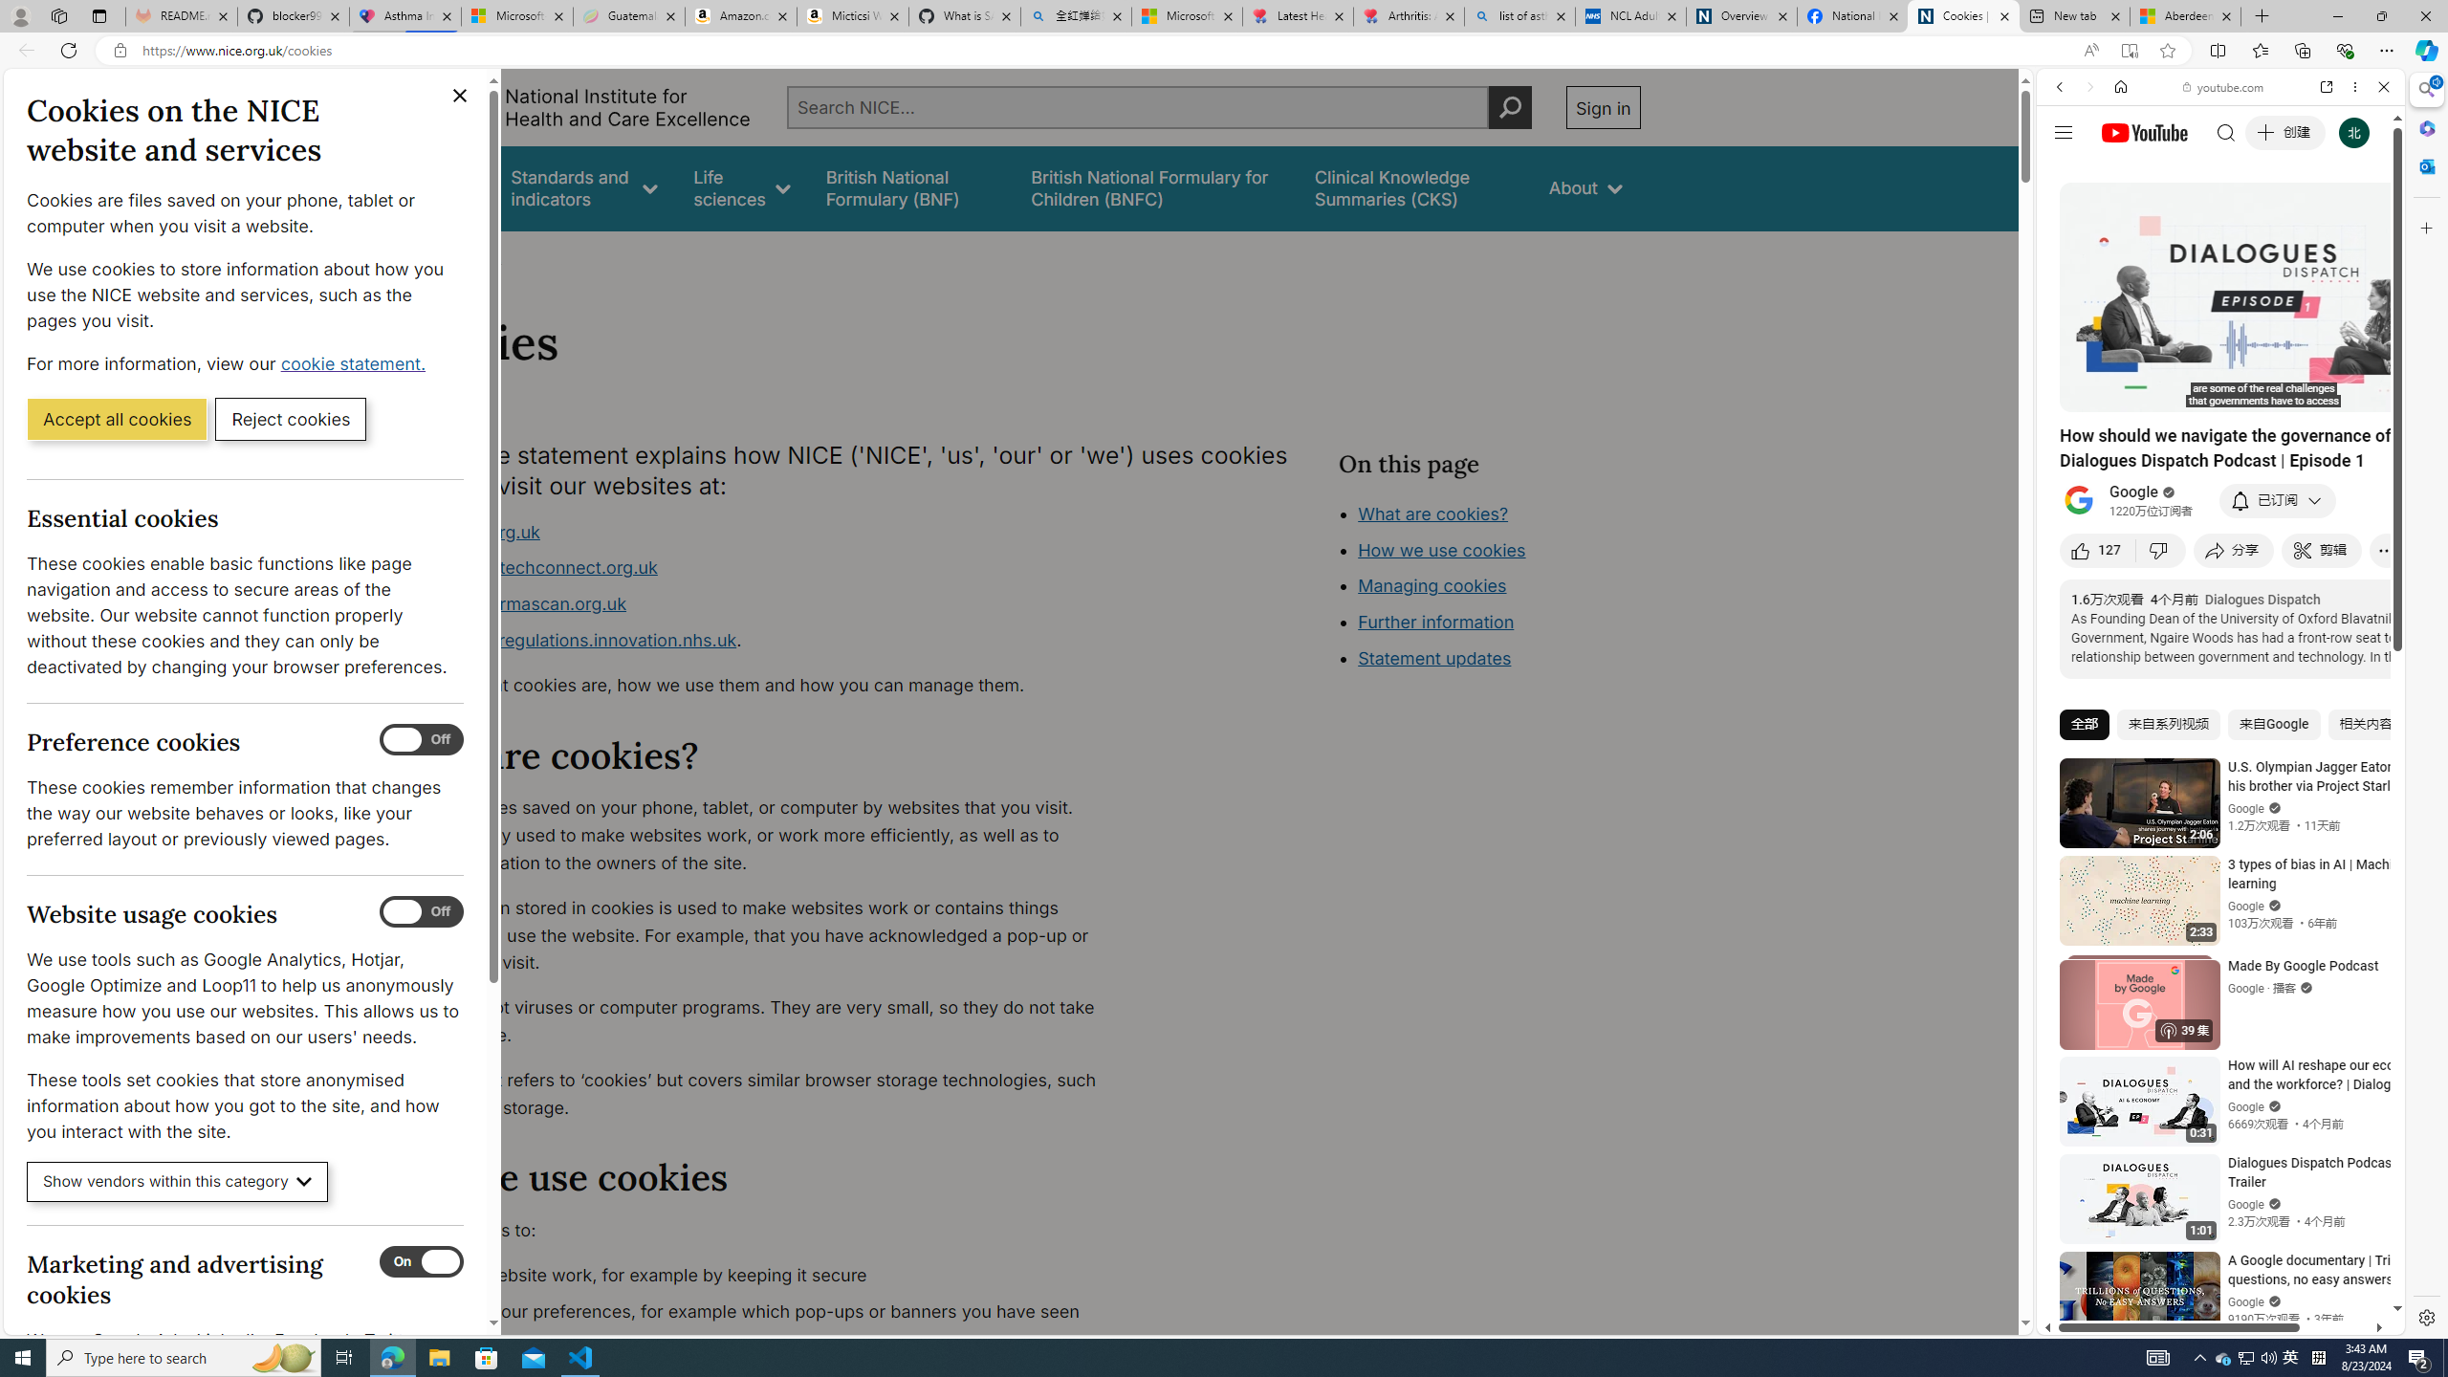 Image resolution: width=2448 pixels, height=1377 pixels. Describe the element at coordinates (2218, 519) in the screenshot. I see `'Music'` at that location.